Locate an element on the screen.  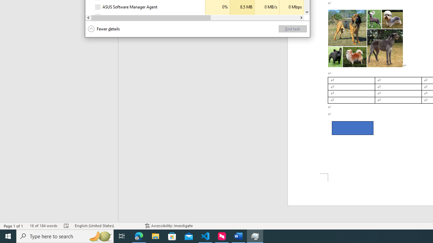
'Visual Studio Code - 1 running window' is located at coordinates (205, 236).